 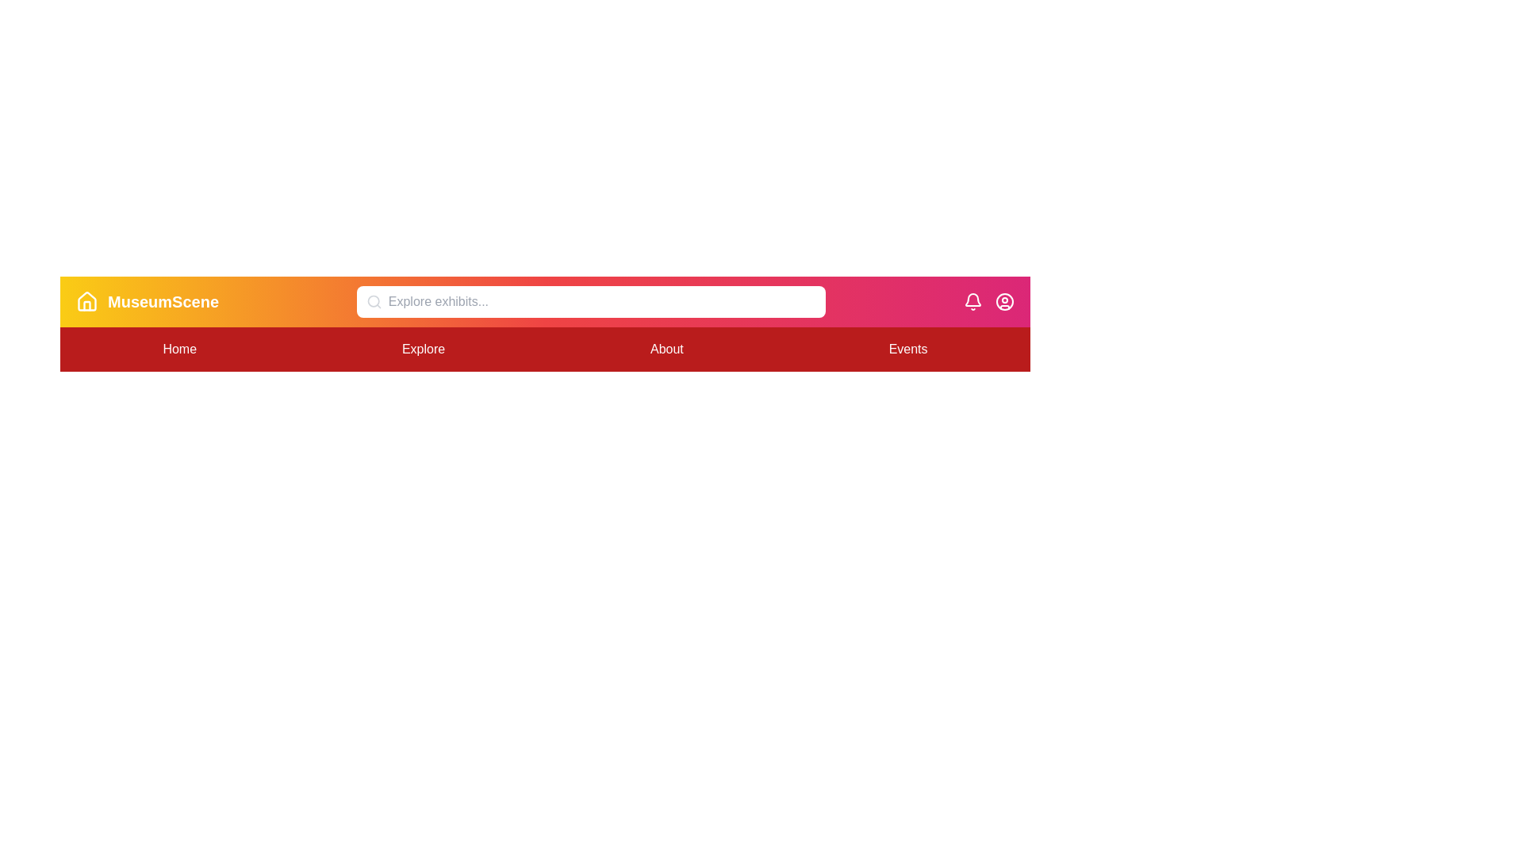 I want to click on the 'About' tab in the menu to navigate to the about section, so click(x=666, y=348).